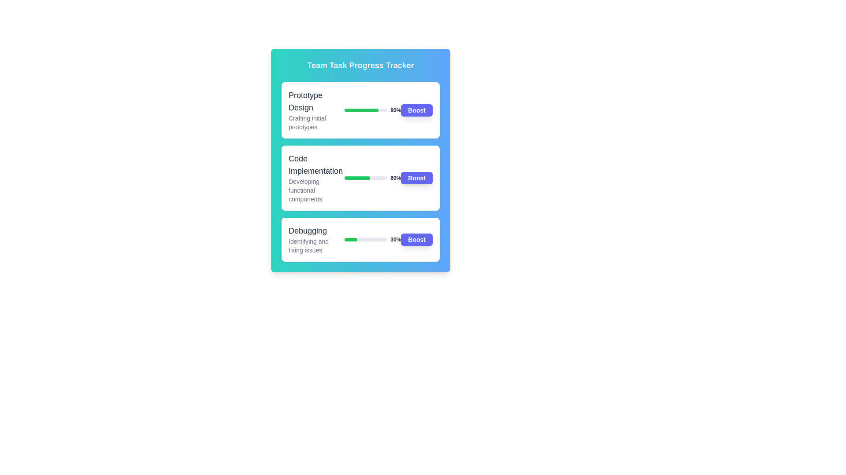  Describe the element at coordinates (416, 178) in the screenshot. I see `keyboard navigation` at that location.